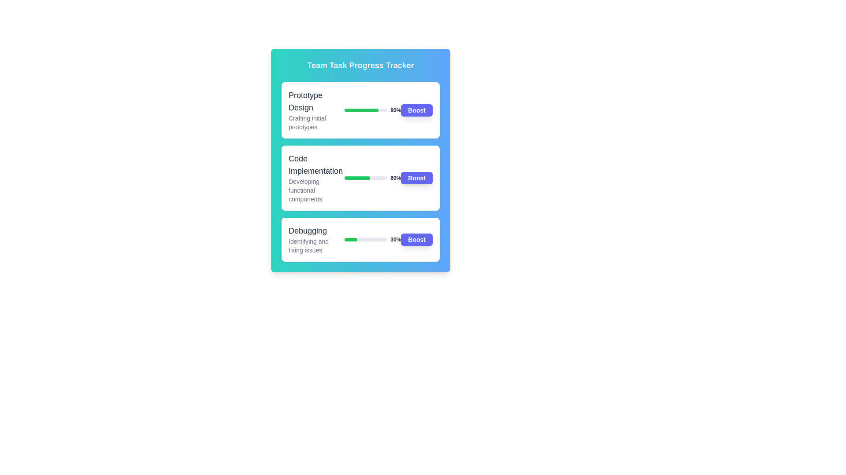  Describe the element at coordinates (416, 178) in the screenshot. I see `keyboard navigation` at that location.